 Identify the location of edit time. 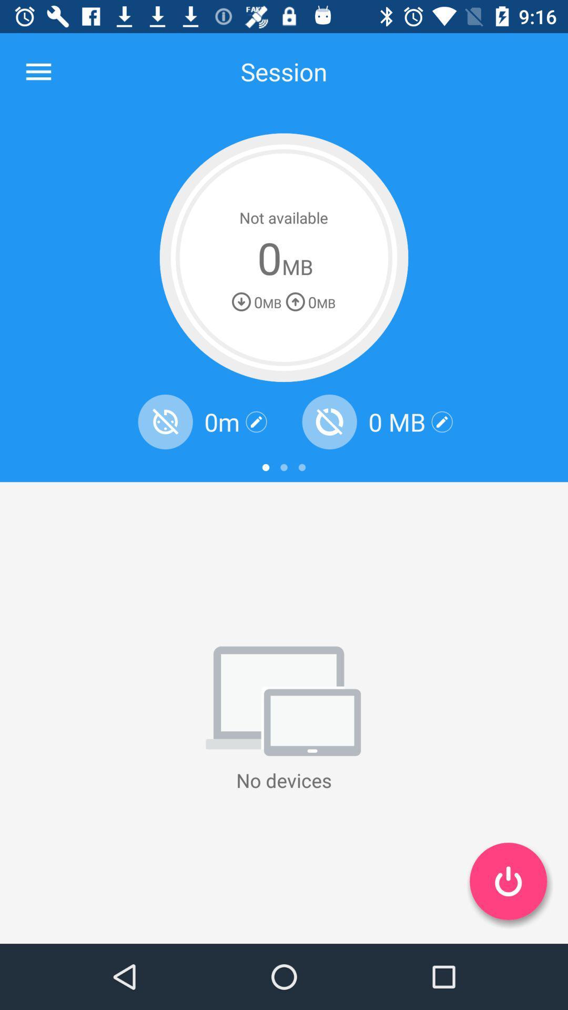
(256, 422).